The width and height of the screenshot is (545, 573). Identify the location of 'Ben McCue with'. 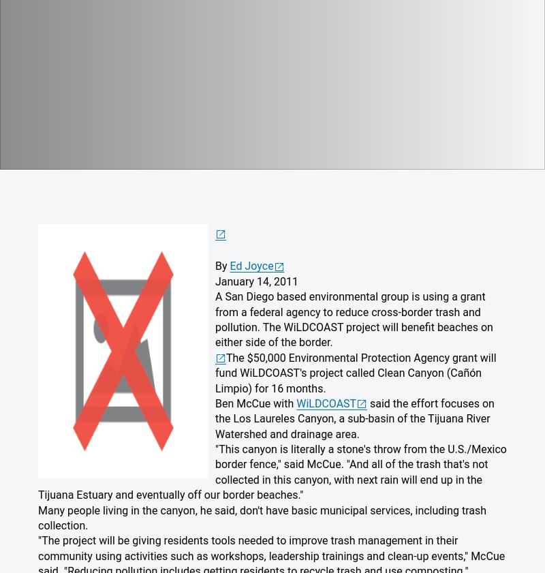
(255, 403).